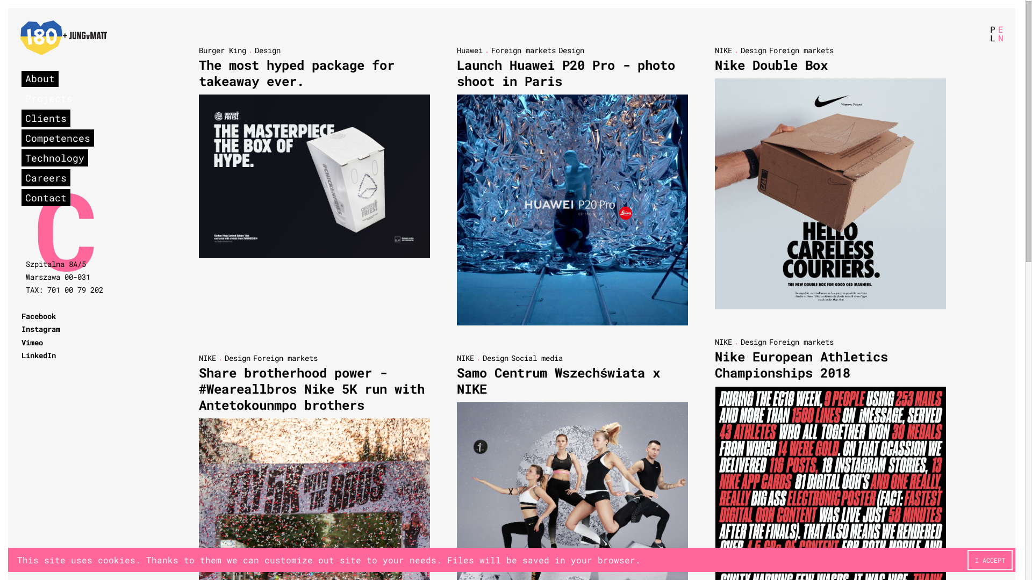 The height and width of the screenshot is (580, 1032). Describe the element at coordinates (714, 343) in the screenshot. I see `'NIKE'` at that location.